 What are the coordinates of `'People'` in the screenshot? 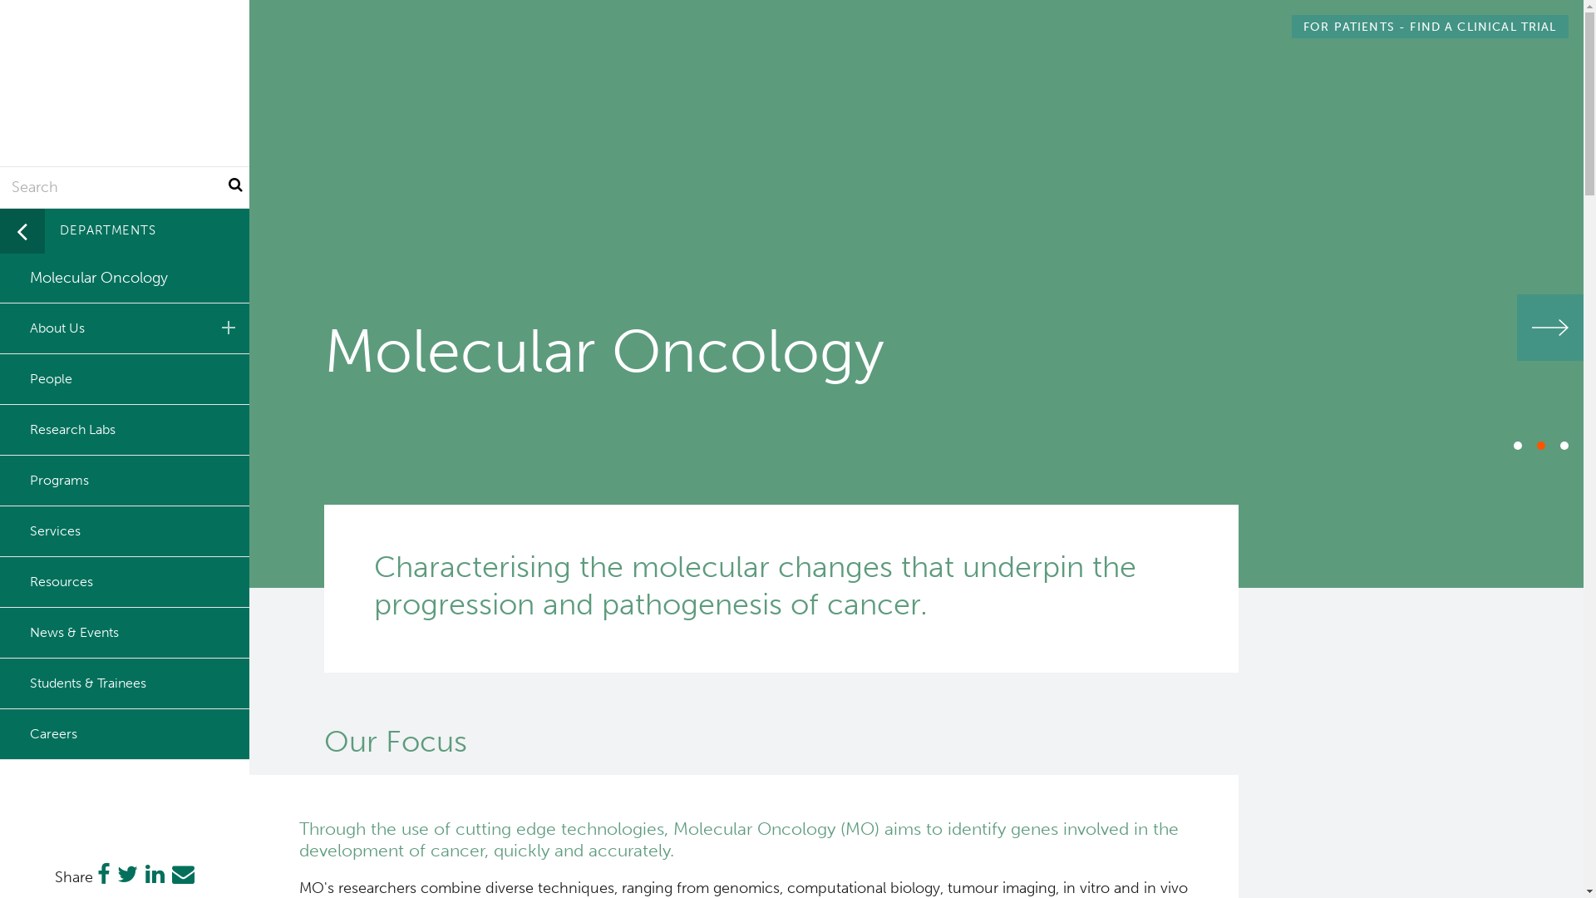 It's located at (123, 378).